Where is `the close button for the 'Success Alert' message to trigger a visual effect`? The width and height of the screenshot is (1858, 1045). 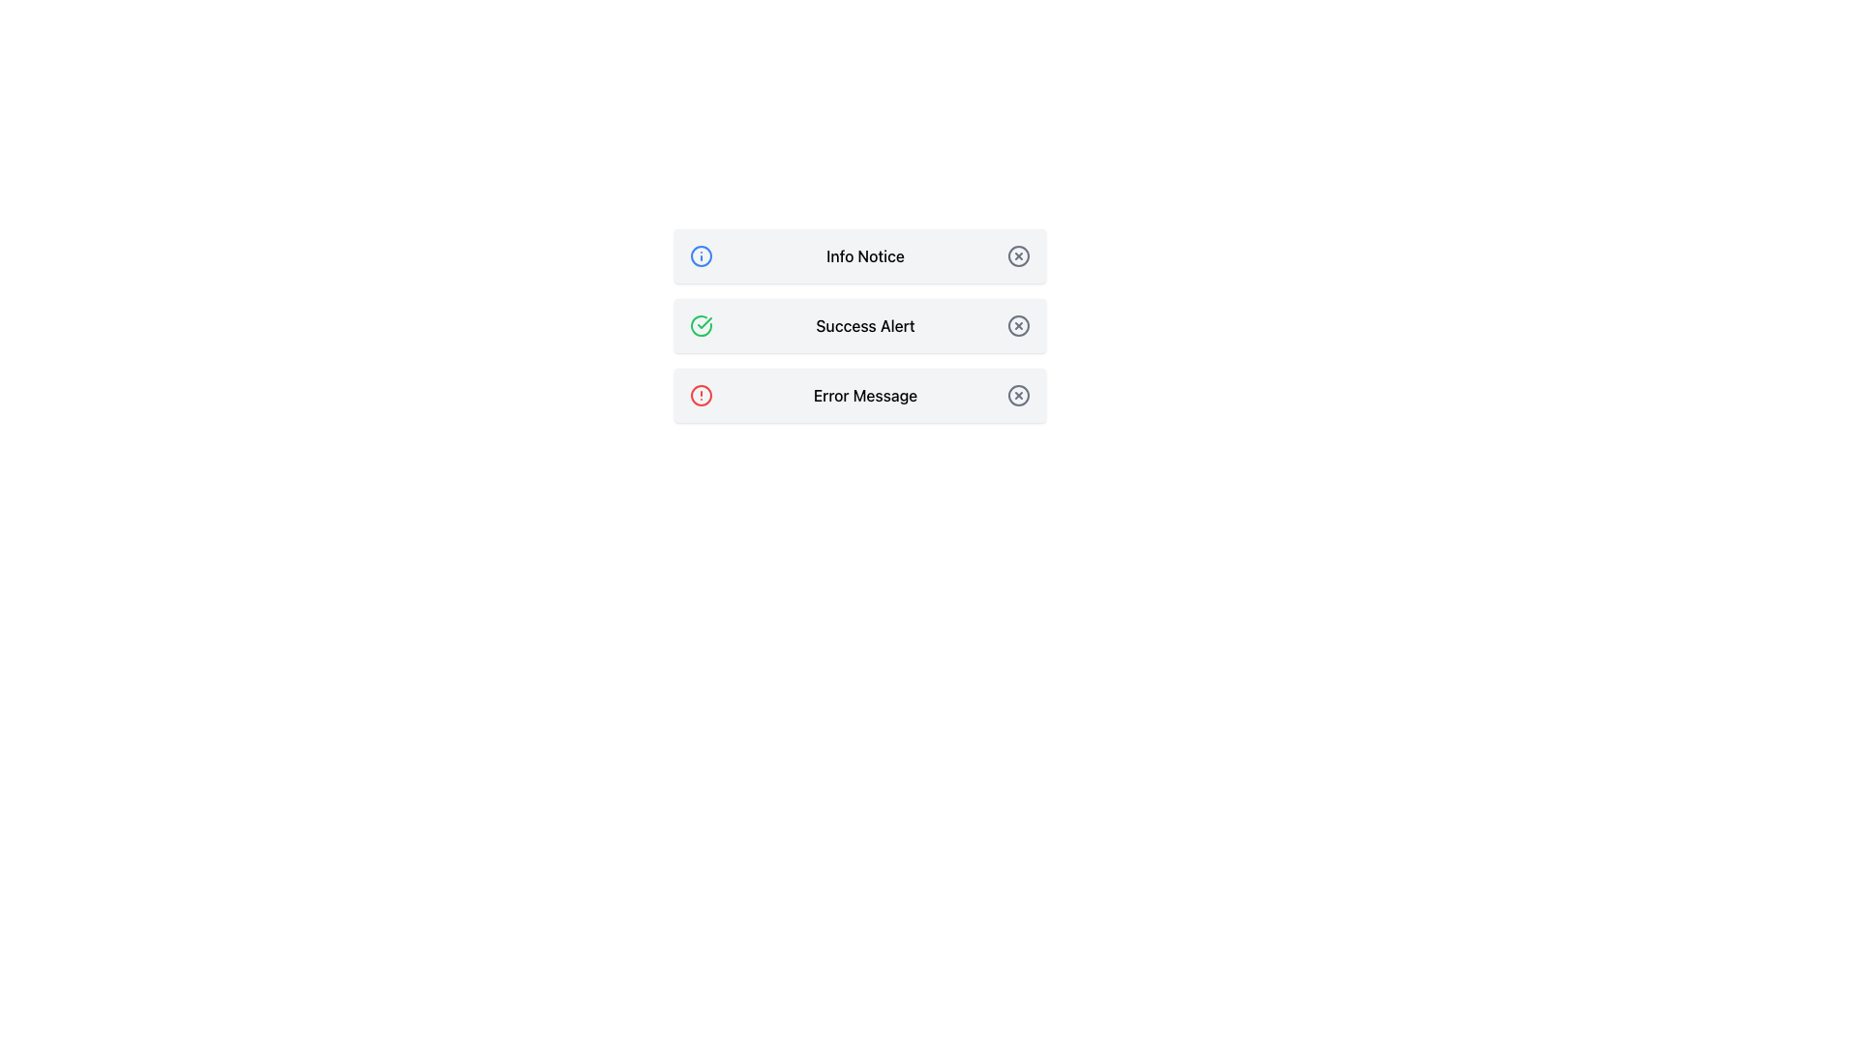
the close button for the 'Success Alert' message to trigger a visual effect is located at coordinates (1017, 324).